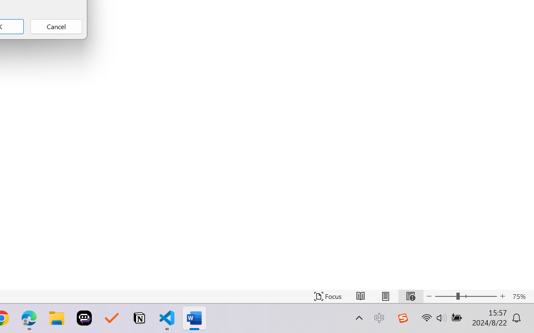 The image size is (534, 333). What do you see at coordinates (521, 296) in the screenshot?
I see `'Zoom 75%'` at bounding box center [521, 296].